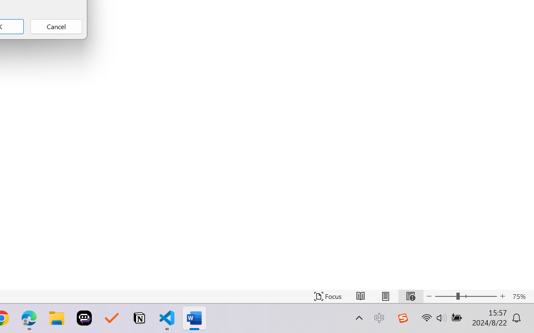 The image size is (534, 333). What do you see at coordinates (521, 296) in the screenshot?
I see `'Zoom 75%'` at bounding box center [521, 296].